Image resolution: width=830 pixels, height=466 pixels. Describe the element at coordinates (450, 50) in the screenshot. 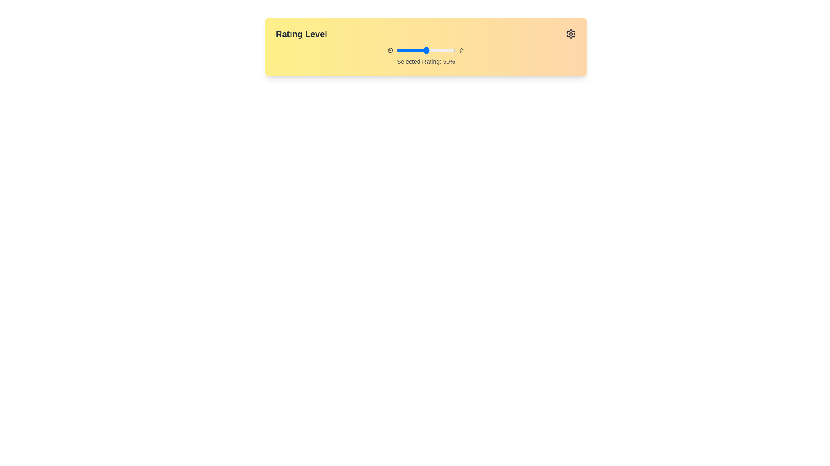

I see `the slider` at that location.